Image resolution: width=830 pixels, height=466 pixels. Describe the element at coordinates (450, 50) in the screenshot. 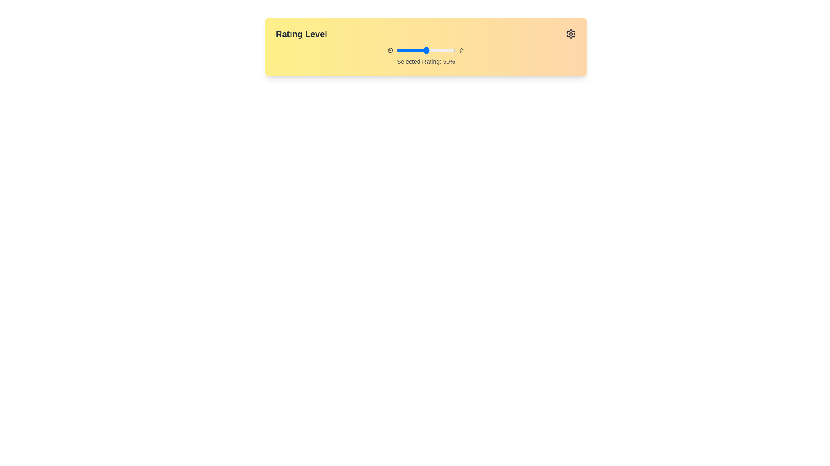

I see `the slider` at that location.